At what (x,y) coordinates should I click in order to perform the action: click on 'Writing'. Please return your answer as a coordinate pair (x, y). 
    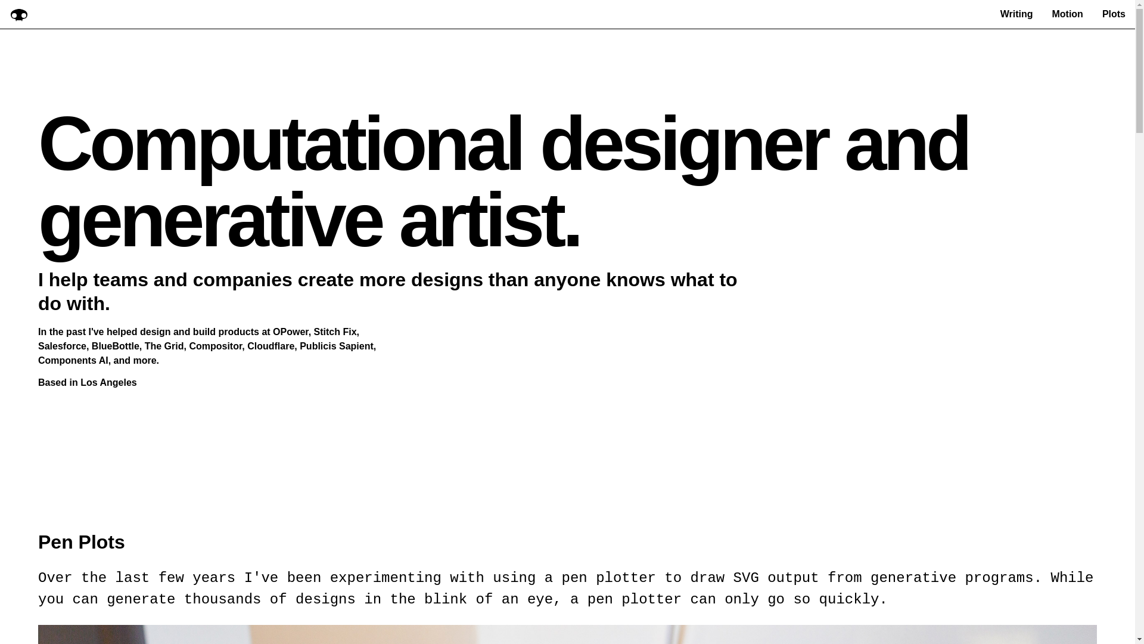
    Looking at the image, I should click on (1016, 14).